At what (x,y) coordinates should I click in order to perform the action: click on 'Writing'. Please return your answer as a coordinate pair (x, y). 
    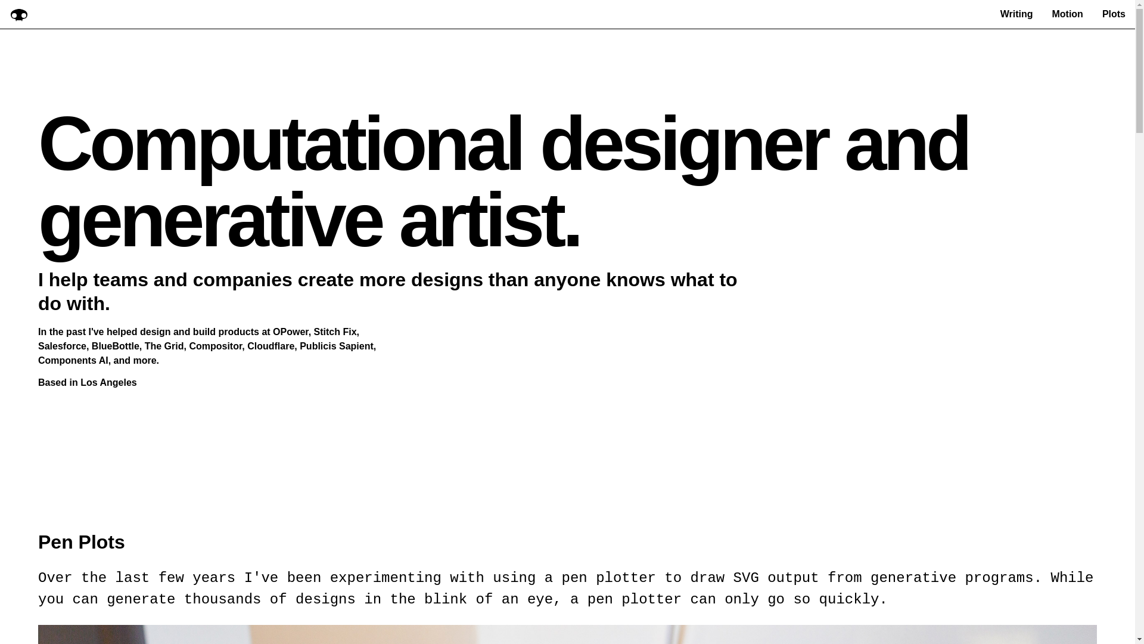
    Looking at the image, I should click on (1016, 14).